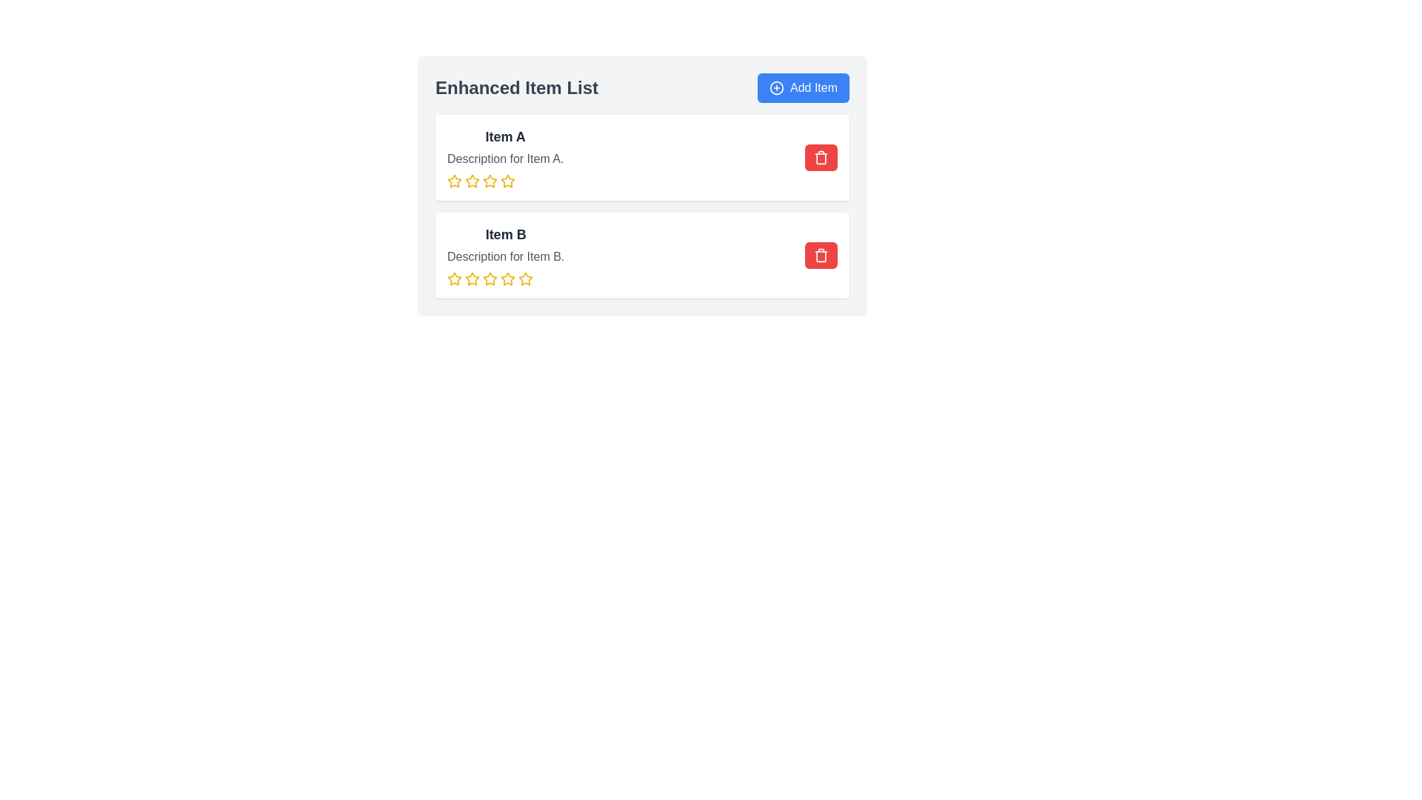 The image size is (1422, 800). What do you see at coordinates (506, 256) in the screenshot?
I see `static text content that displays 'Description for Item B.' located beneath the heading 'Item B' and above a row of star icons in the second card` at bounding box center [506, 256].